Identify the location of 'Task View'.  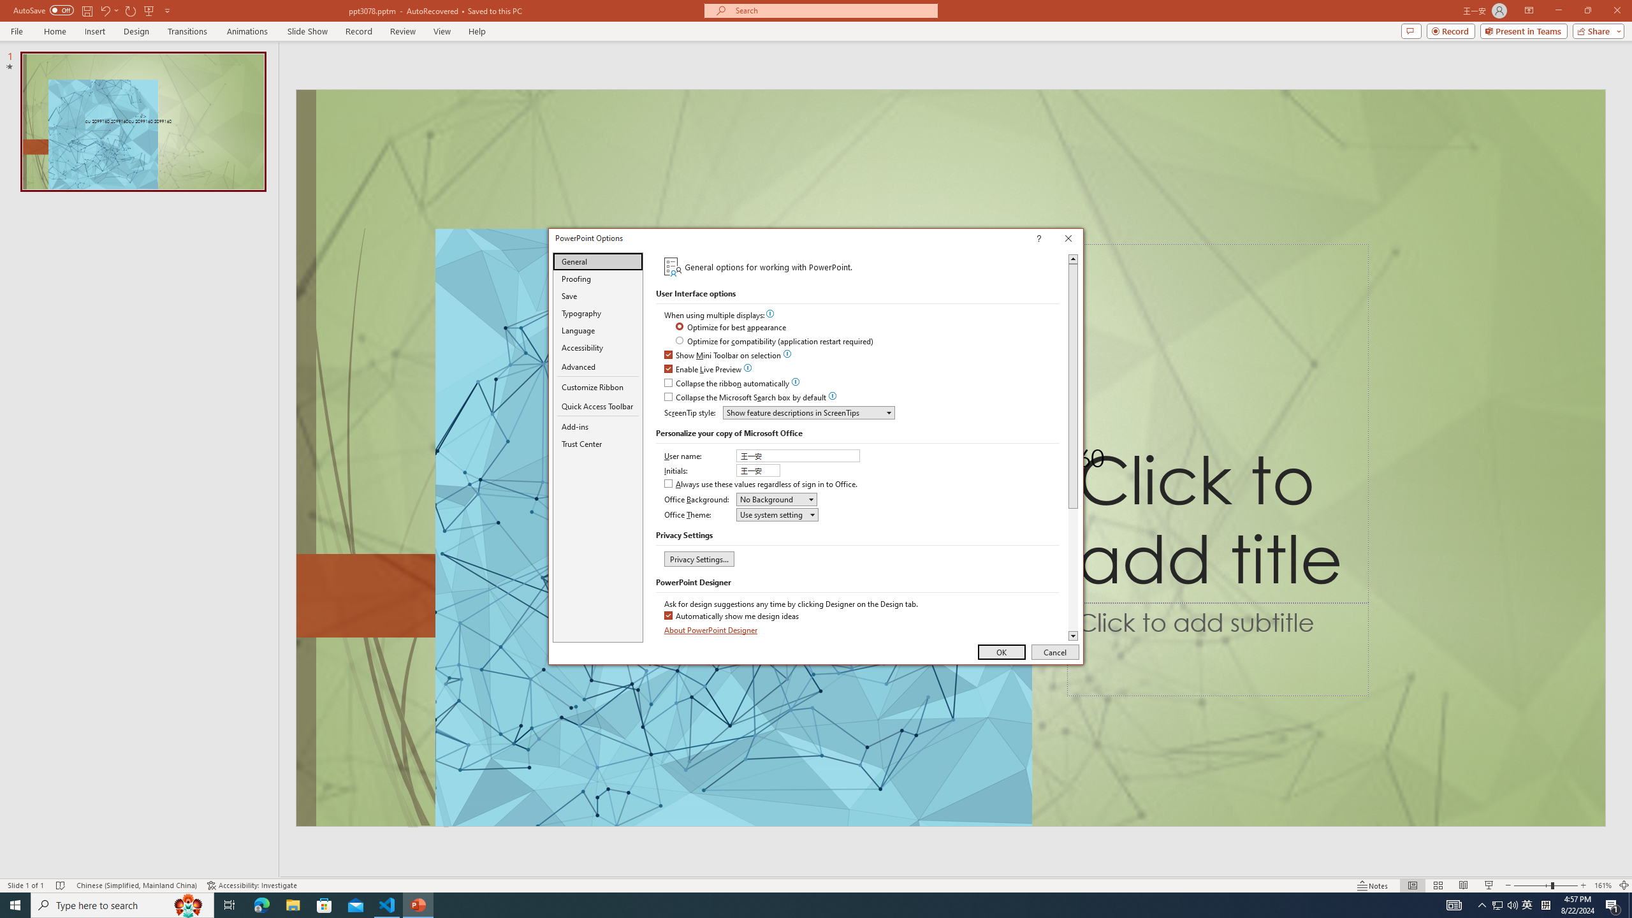
(228, 904).